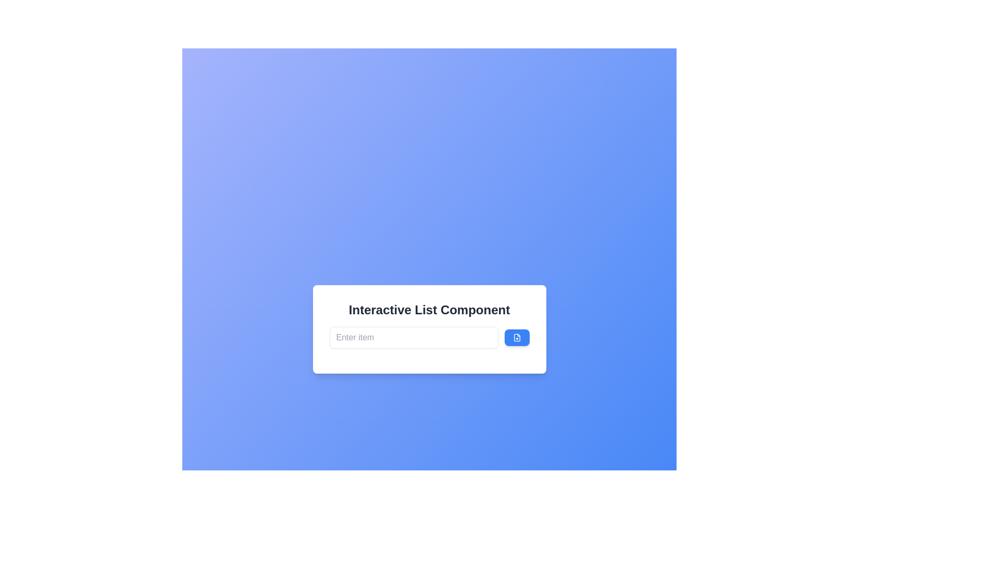 This screenshot has width=1000, height=562. What do you see at coordinates (517, 337) in the screenshot?
I see `the button styled with a blue background and white text` at bounding box center [517, 337].